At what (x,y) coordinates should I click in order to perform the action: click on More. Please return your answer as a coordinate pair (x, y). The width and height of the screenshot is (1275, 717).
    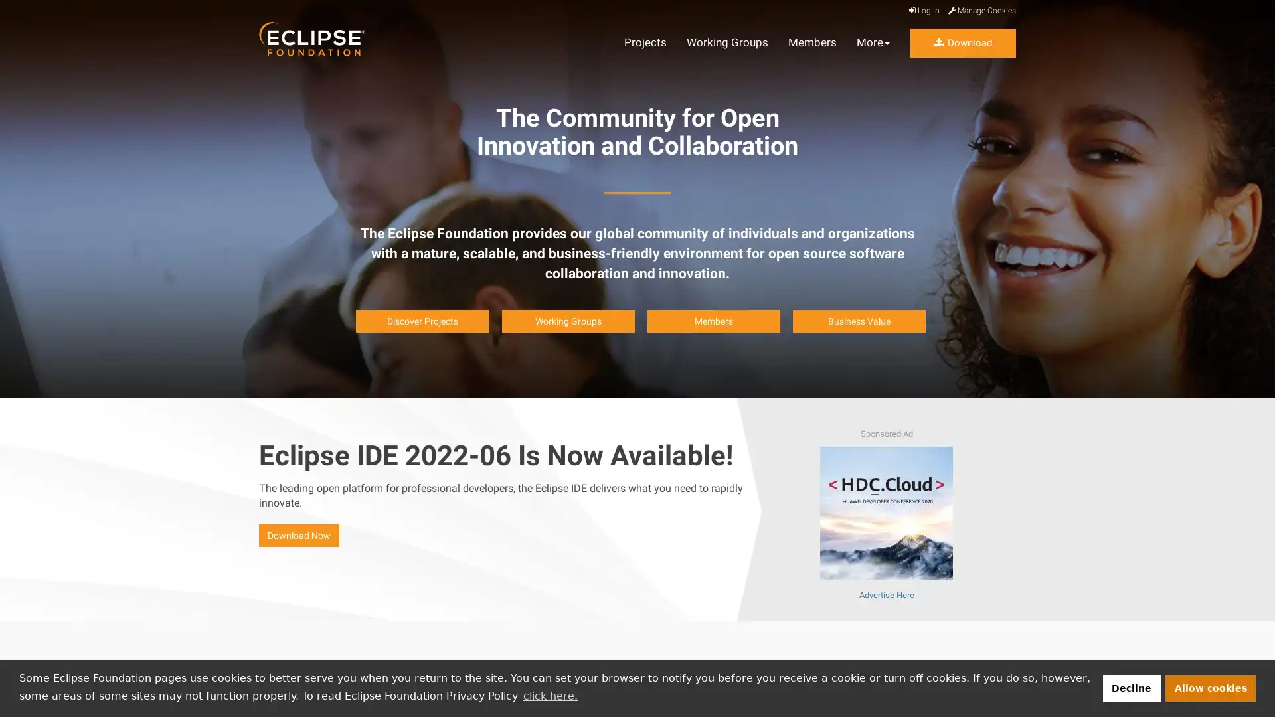
    Looking at the image, I should click on (873, 42).